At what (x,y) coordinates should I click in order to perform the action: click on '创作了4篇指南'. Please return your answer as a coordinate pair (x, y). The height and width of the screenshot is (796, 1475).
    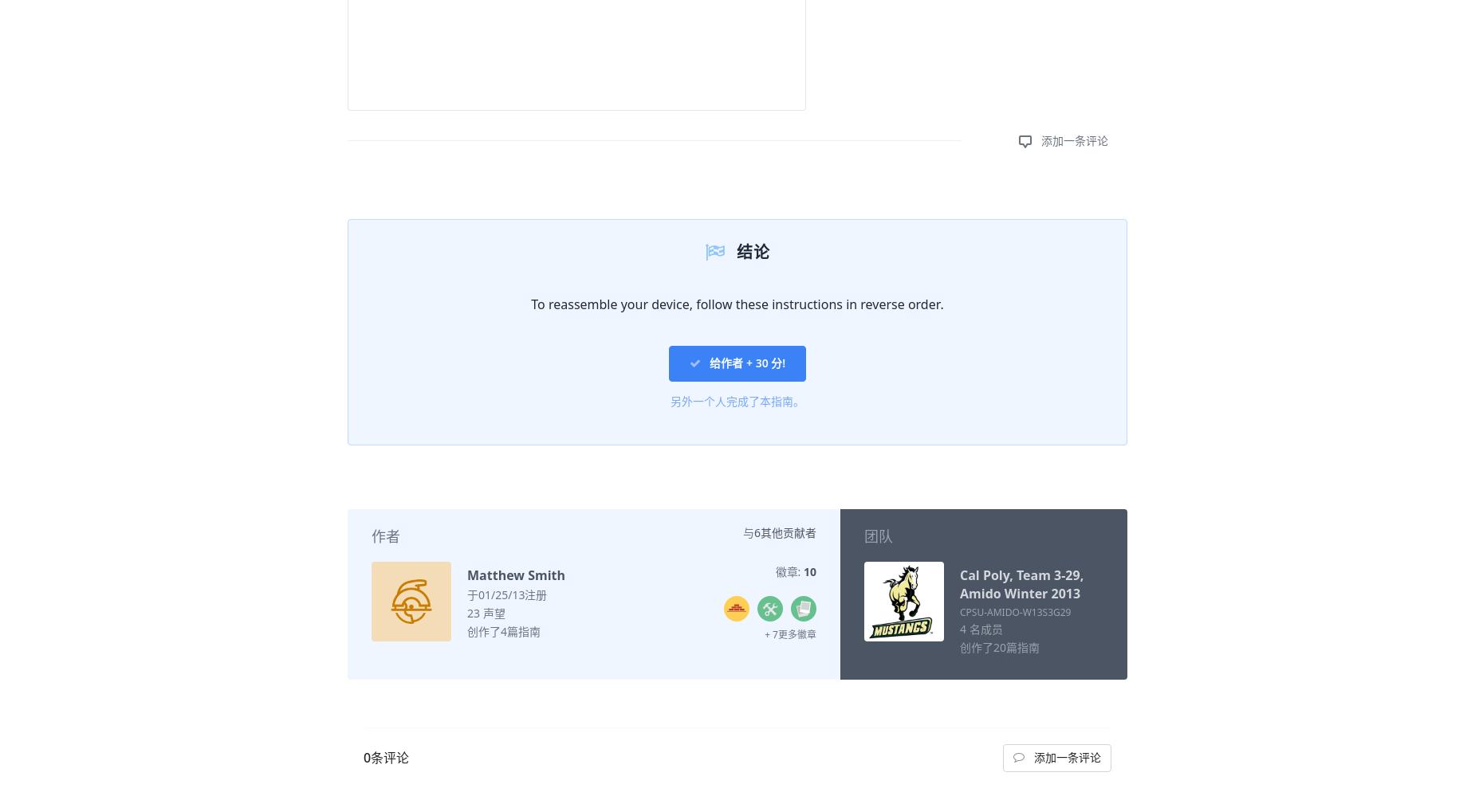
    Looking at the image, I should click on (503, 630).